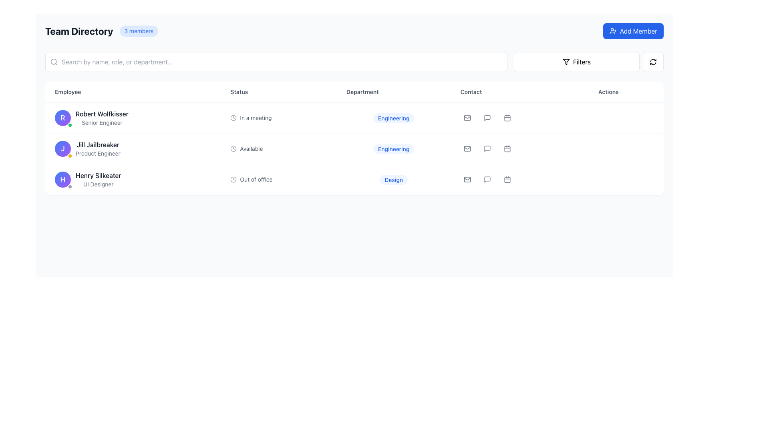  I want to click on the Profile card representing the first employee in the Team Directory list, which displays their name, role, and profile image, so click(133, 118).